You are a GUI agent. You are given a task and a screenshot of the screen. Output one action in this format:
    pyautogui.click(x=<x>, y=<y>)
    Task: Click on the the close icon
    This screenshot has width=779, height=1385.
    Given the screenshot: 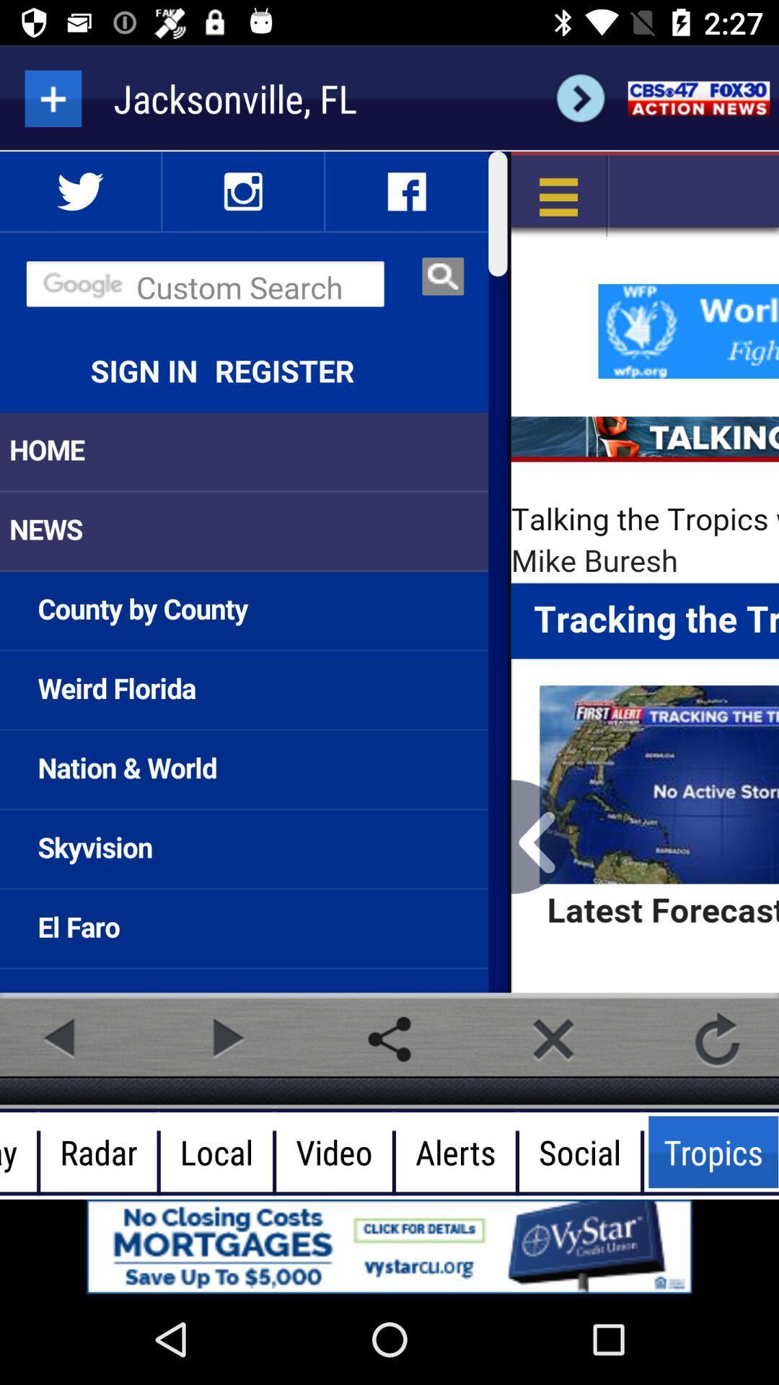 What is the action you would take?
    pyautogui.click(x=553, y=1039)
    